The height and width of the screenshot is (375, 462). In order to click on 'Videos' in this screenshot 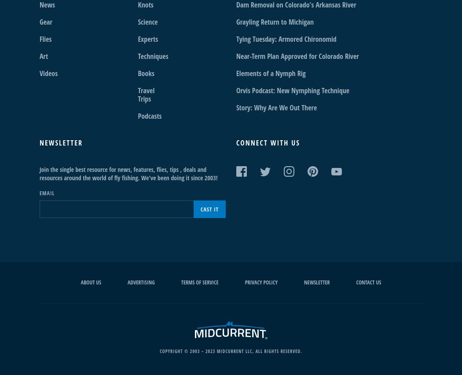, I will do `click(48, 73)`.